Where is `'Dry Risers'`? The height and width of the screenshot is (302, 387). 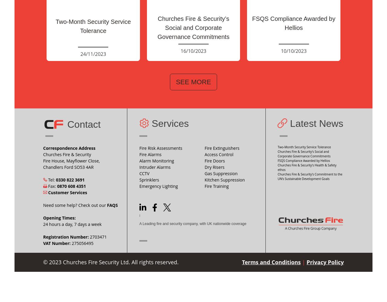 'Dry Risers' is located at coordinates (214, 167).